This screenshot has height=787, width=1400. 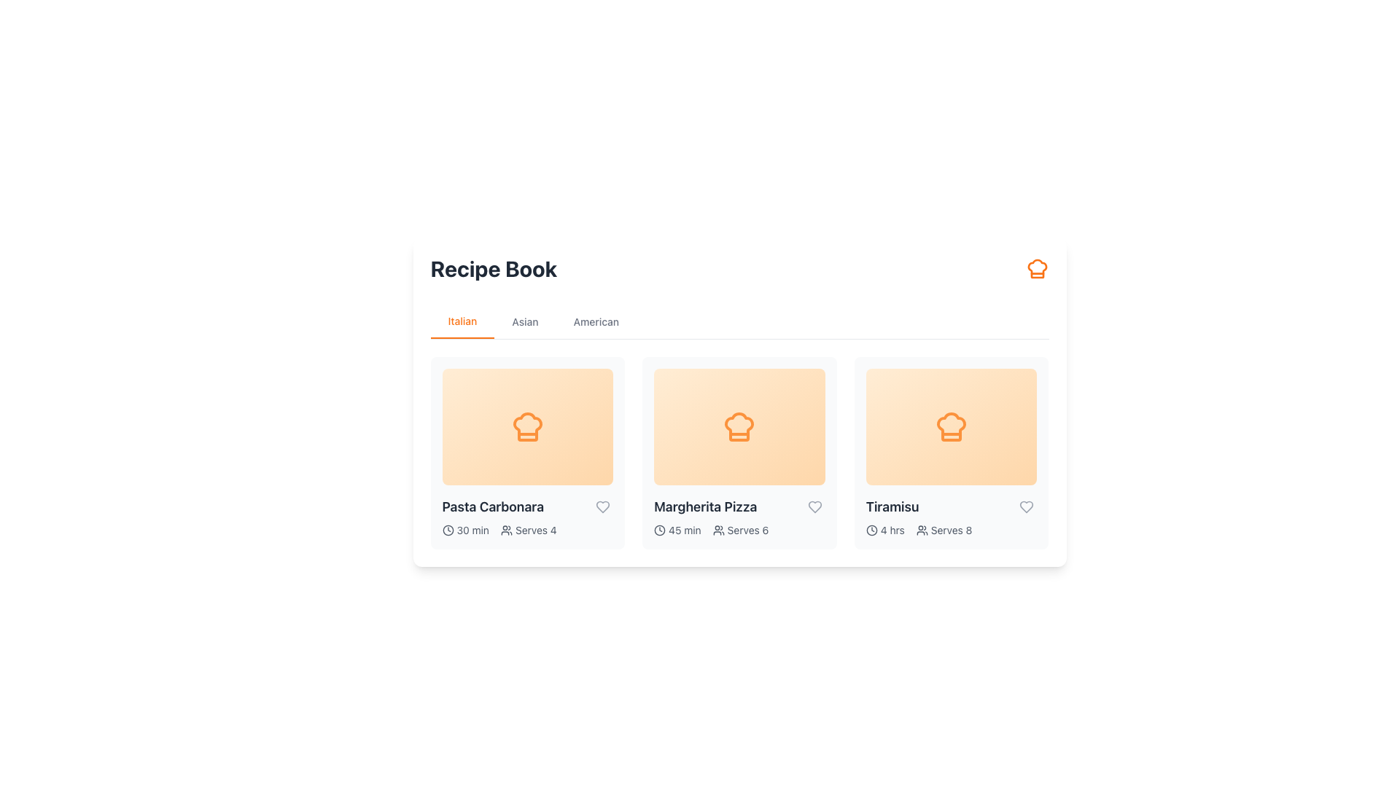 I want to click on the favorite icon located at the bottom right corner of the 'Margherita Pizza' card in the recipe list, so click(x=814, y=506).